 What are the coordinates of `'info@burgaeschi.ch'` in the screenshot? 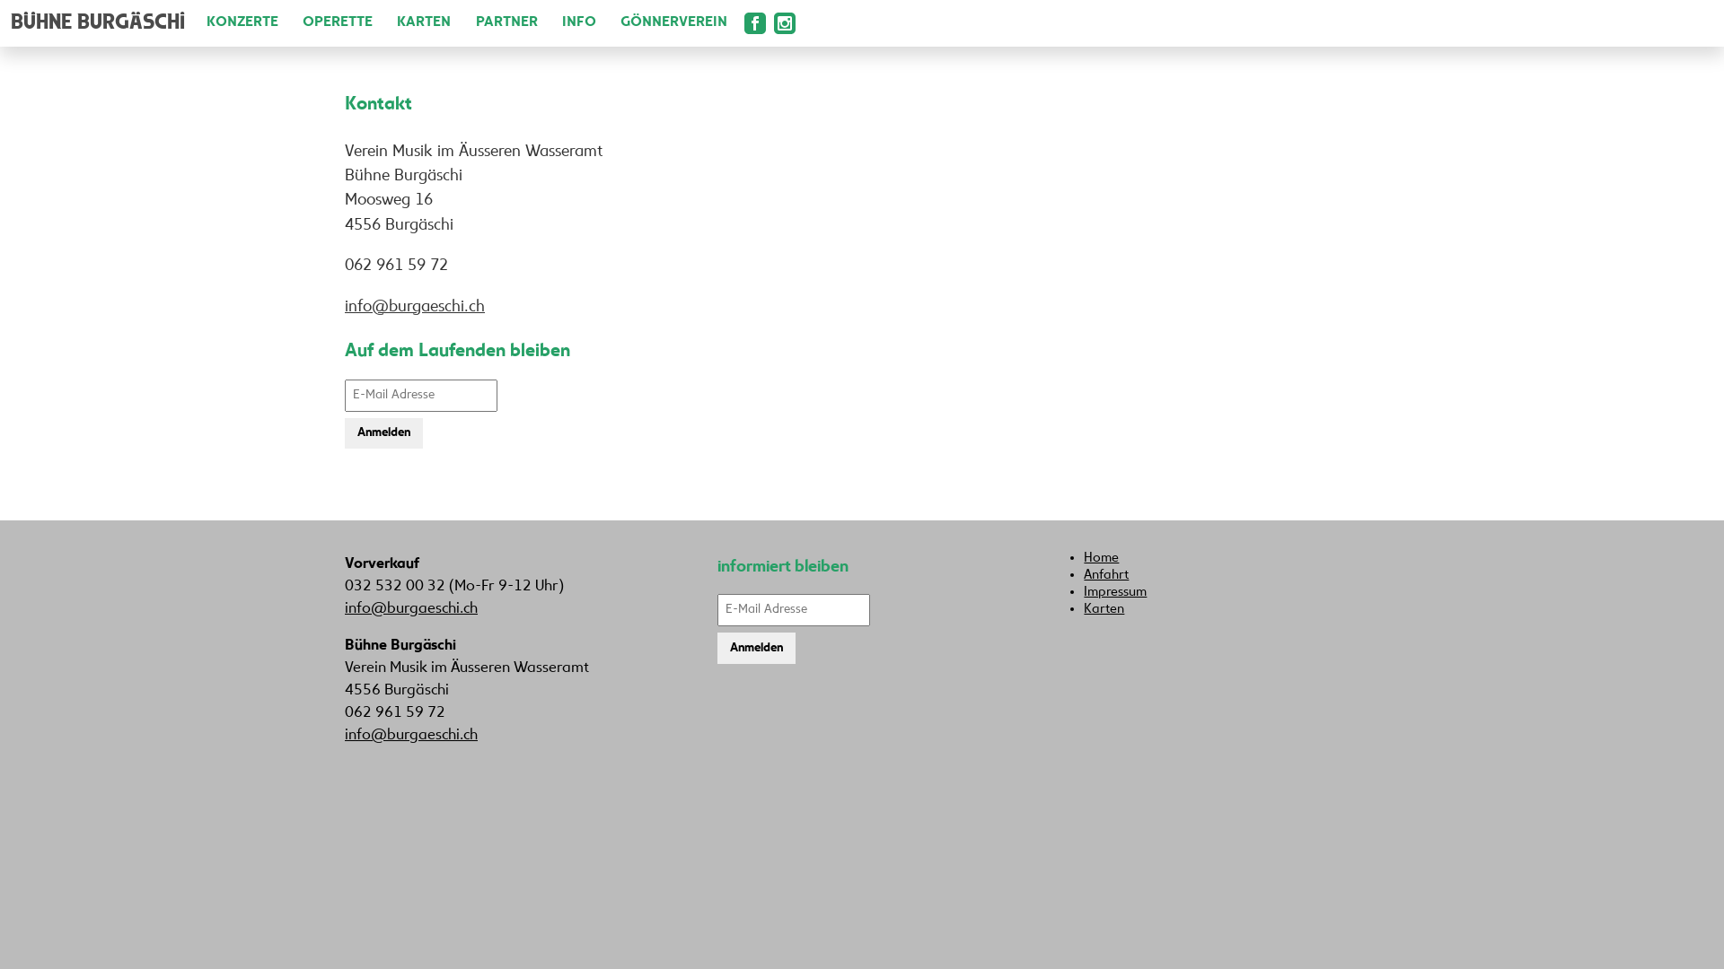 It's located at (413, 306).